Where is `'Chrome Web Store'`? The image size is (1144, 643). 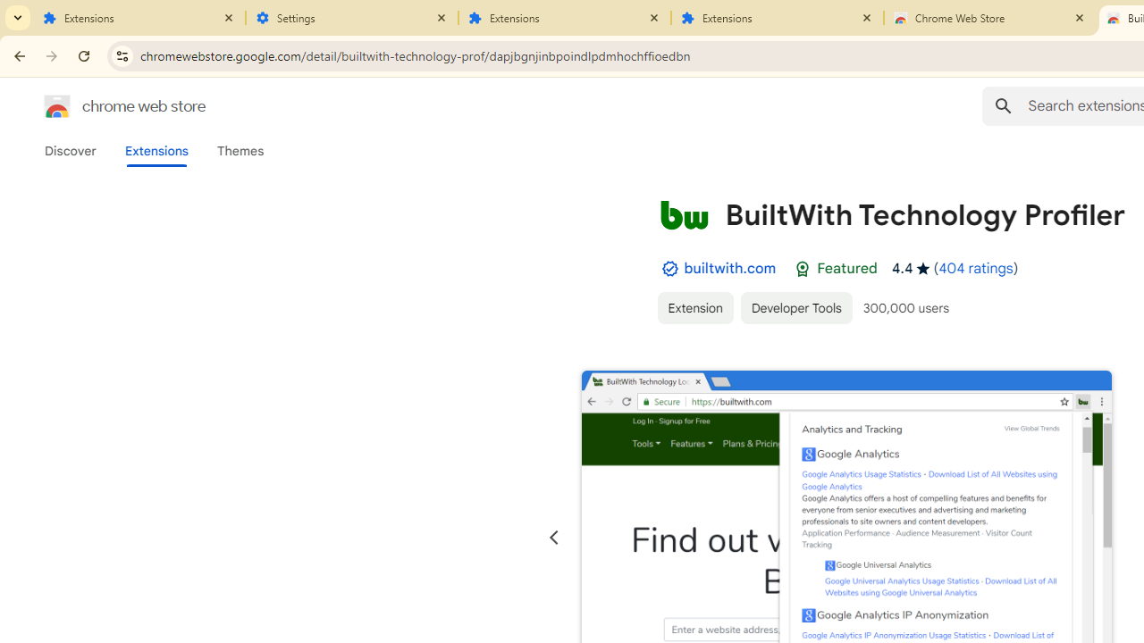
'Chrome Web Store' is located at coordinates (989, 18).